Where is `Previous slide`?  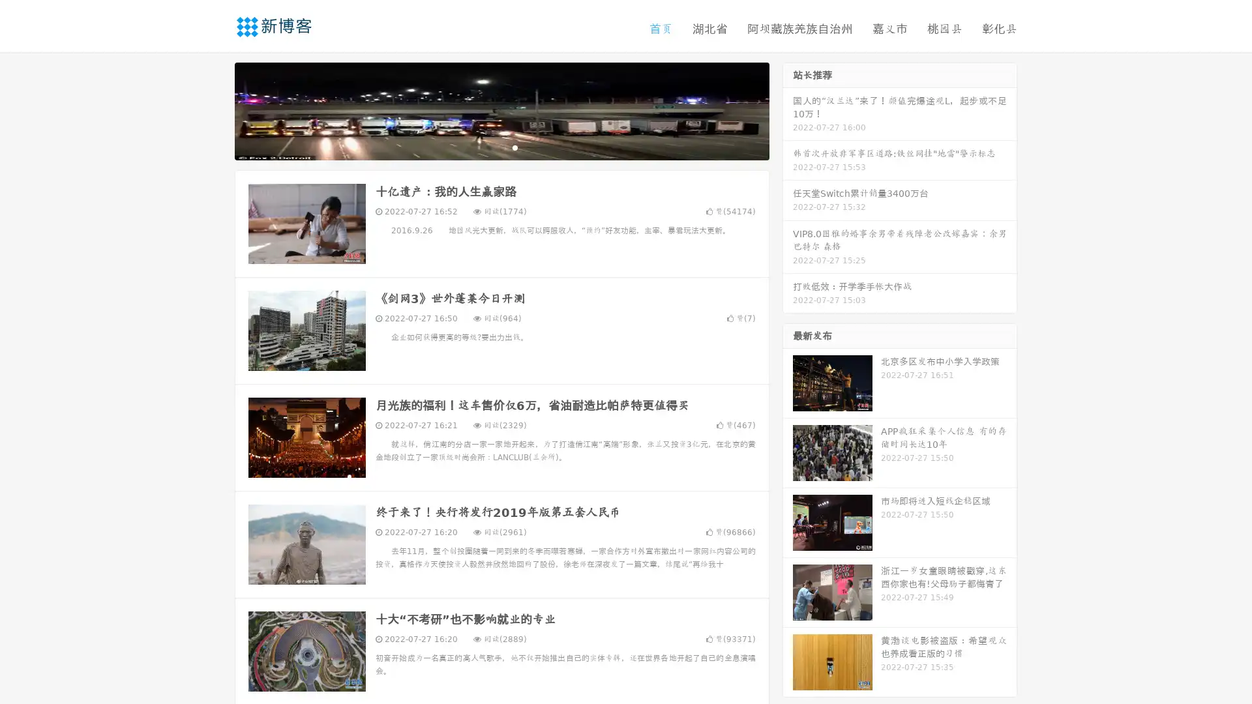
Previous slide is located at coordinates (215, 110).